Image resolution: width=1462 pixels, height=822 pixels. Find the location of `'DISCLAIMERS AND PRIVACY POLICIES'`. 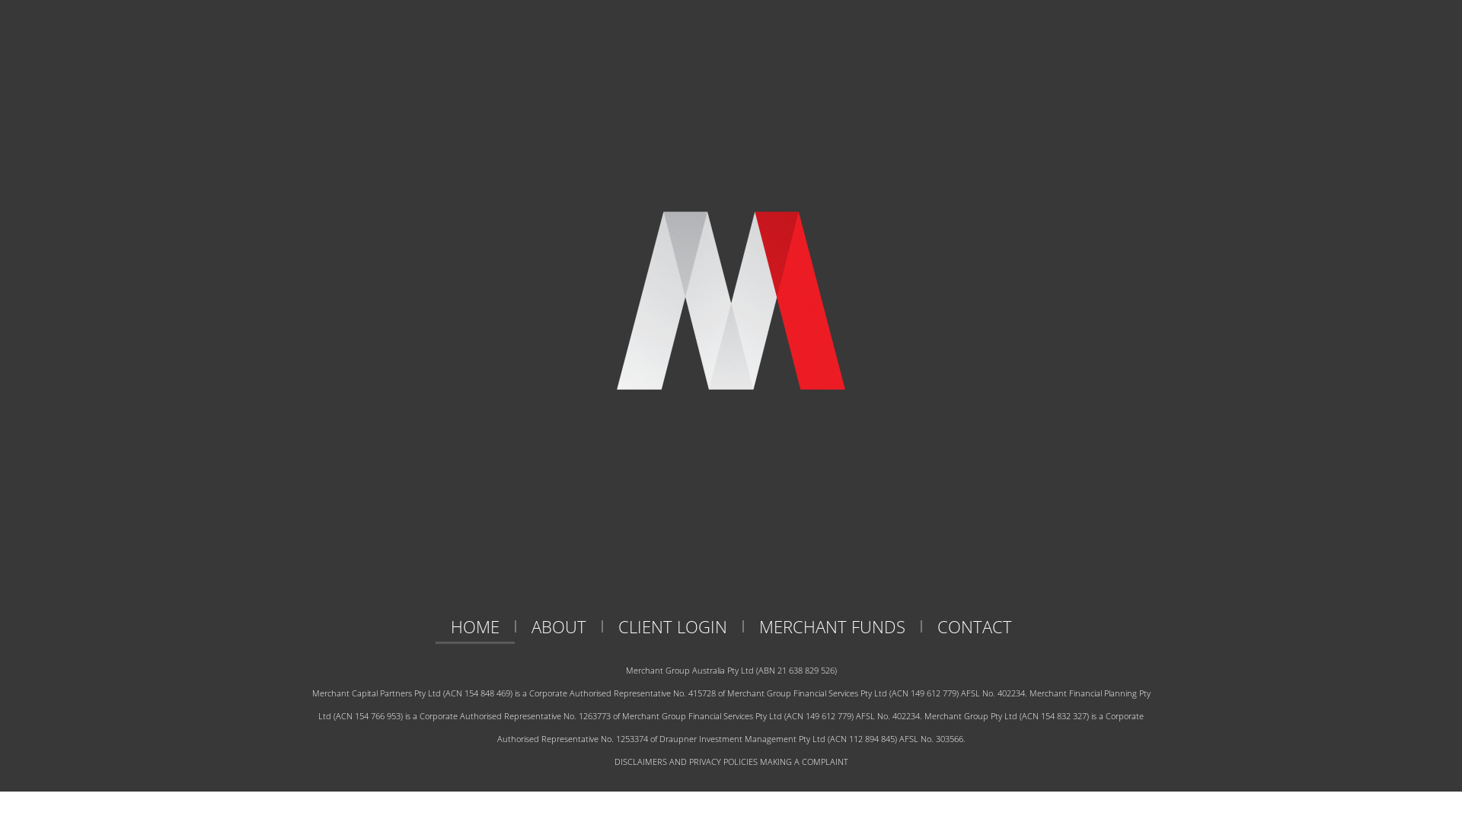

'DISCLAIMERS AND PRIVACY POLICIES' is located at coordinates (685, 761).